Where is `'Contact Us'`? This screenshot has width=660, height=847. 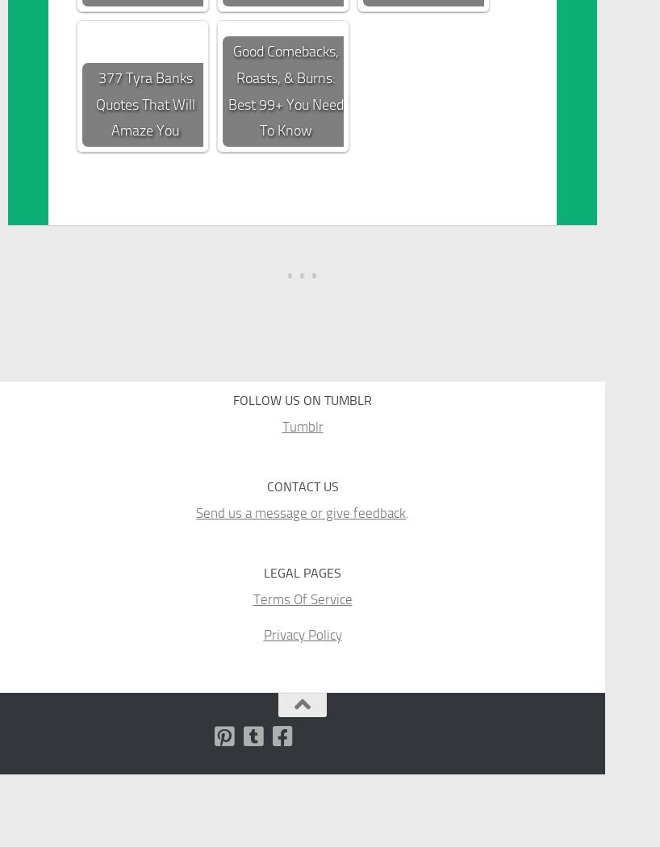
'Contact Us' is located at coordinates (302, 486).